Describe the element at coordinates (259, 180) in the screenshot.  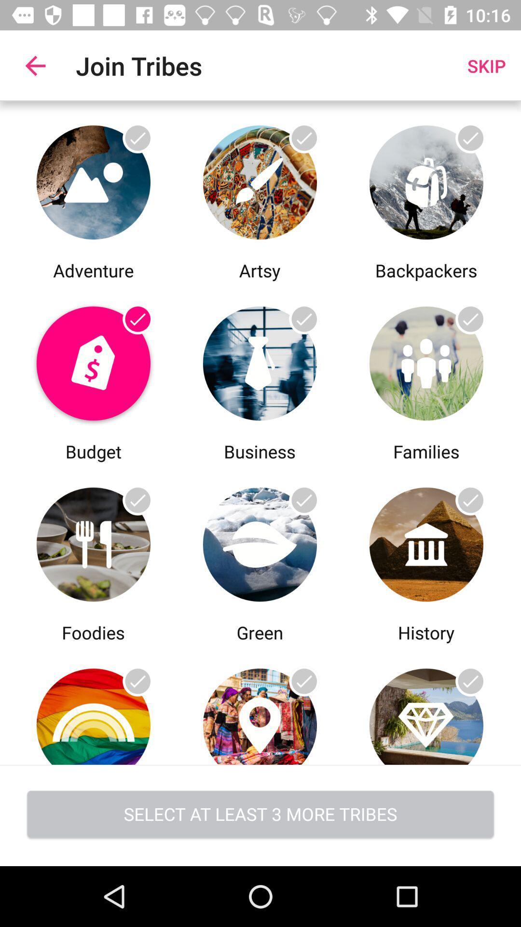
I see `artsy category` at that location.